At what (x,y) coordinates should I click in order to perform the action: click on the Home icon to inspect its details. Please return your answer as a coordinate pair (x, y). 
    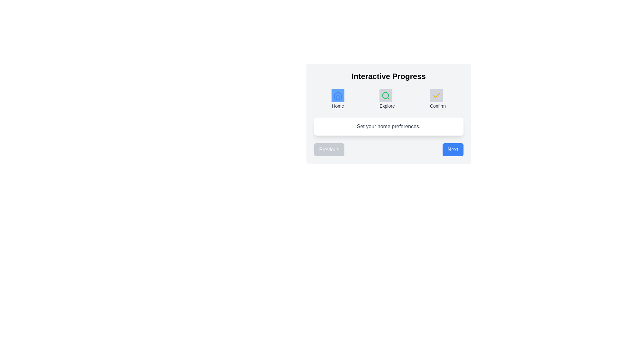
    Looking at the image, I should click on (338, 95).